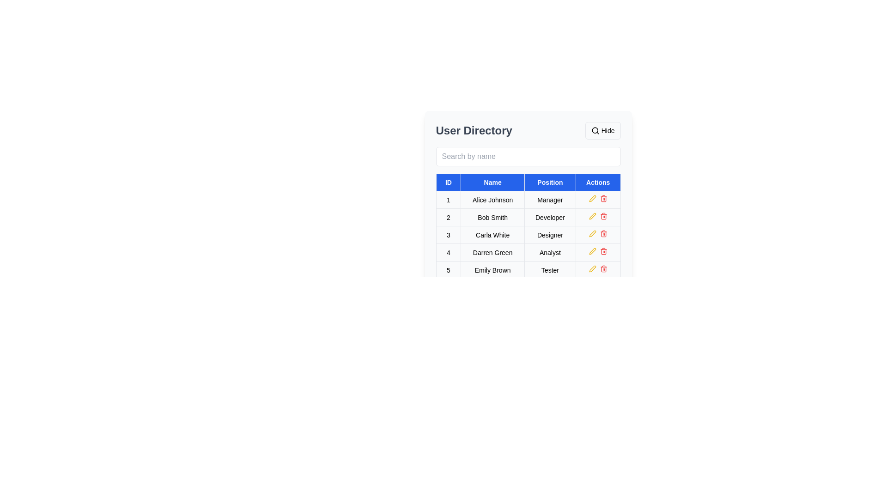 This screenshot has width=887, height=499. I want to click on the blank cell in the last column, fourth row of the 'User Directory' table under the 'Actions' column, aligned with 'Carla White Designer', so click(598, 234).